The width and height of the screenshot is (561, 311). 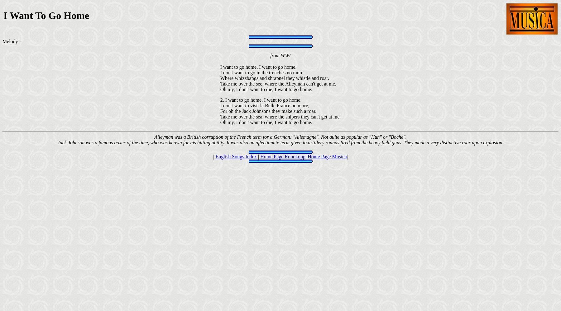 What do you see at coordinates (278, 84) in the screenshot?
I see `'Take me over the see, where the Alleyman can't get at me.'` at bounding box center [278, 84].